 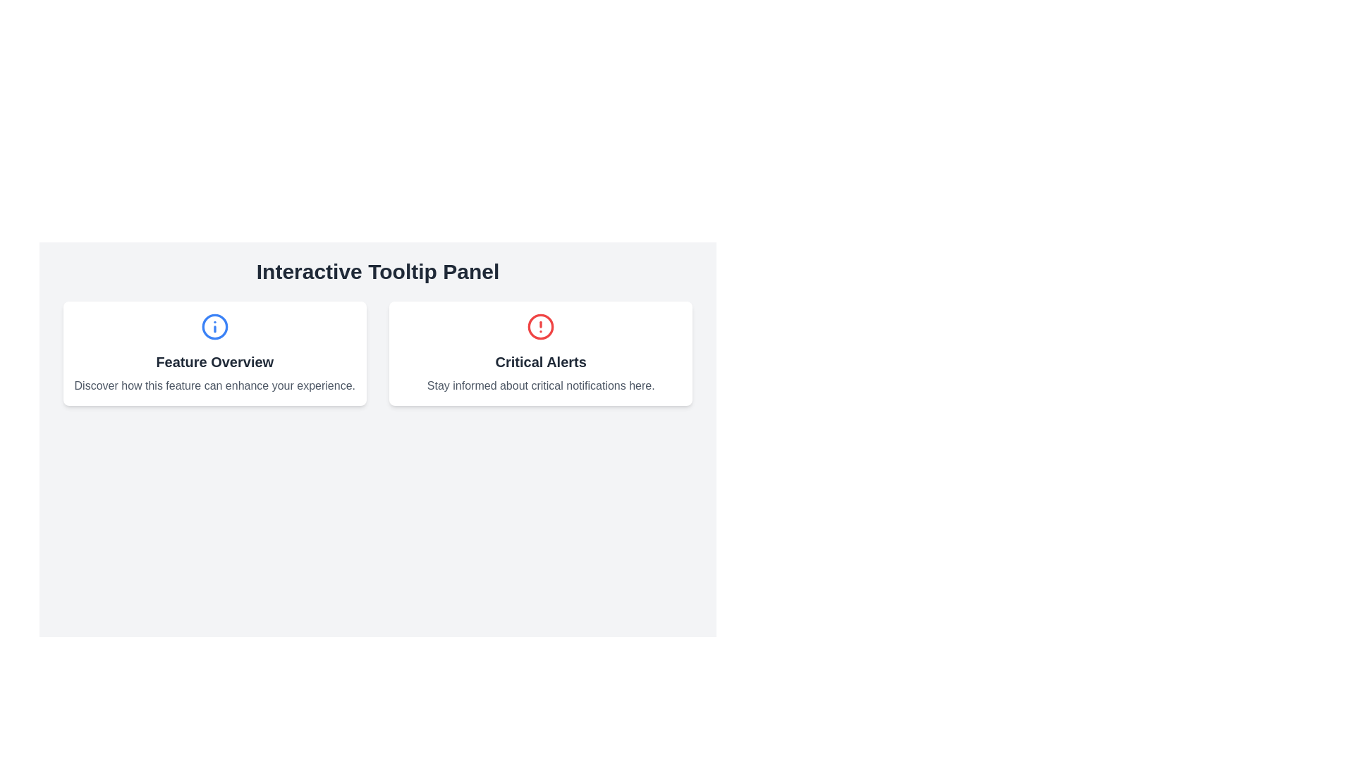 What do you see at coordinates (540, 326) in the screenshot?
I see `the alert icon located at the top center of the 'Critical Alerts' card` at bounding box center [540, 326].